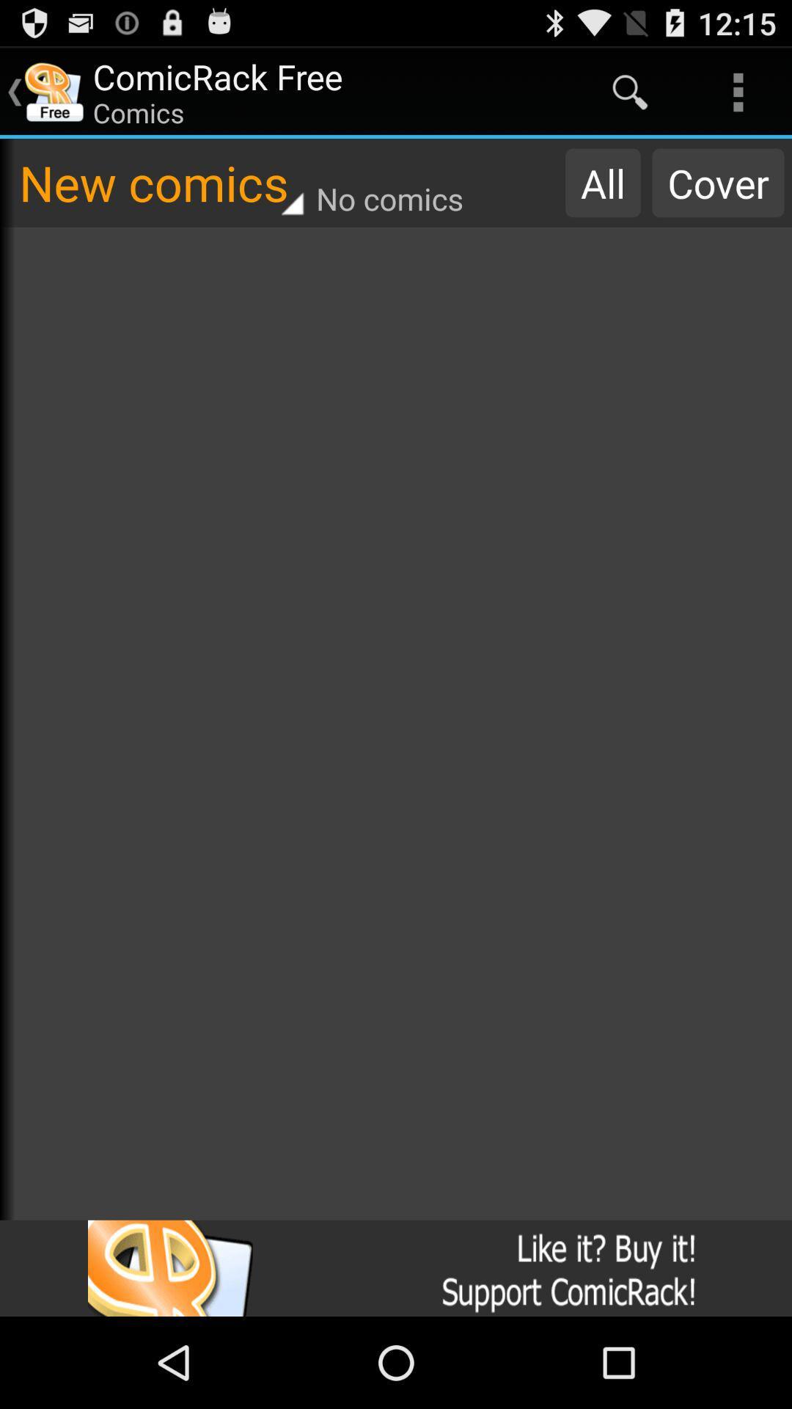 Image resolution: width=792 pixels, height=1409 pixels. What do you see at coordinates (717, 182) in the screenshot?
I see `item to the right of all item` at bounding box center [717, 182].